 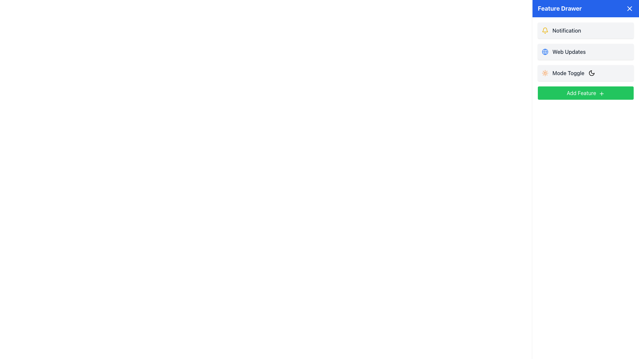 What do you see at coordinates (568, 73) in the screenshot?
I see `the text label that describes the mode toggling functionality within the 'Feature Drawer' interface, positioned between a sun icon and a crescent moon icon` at bounding box center [568, 73].